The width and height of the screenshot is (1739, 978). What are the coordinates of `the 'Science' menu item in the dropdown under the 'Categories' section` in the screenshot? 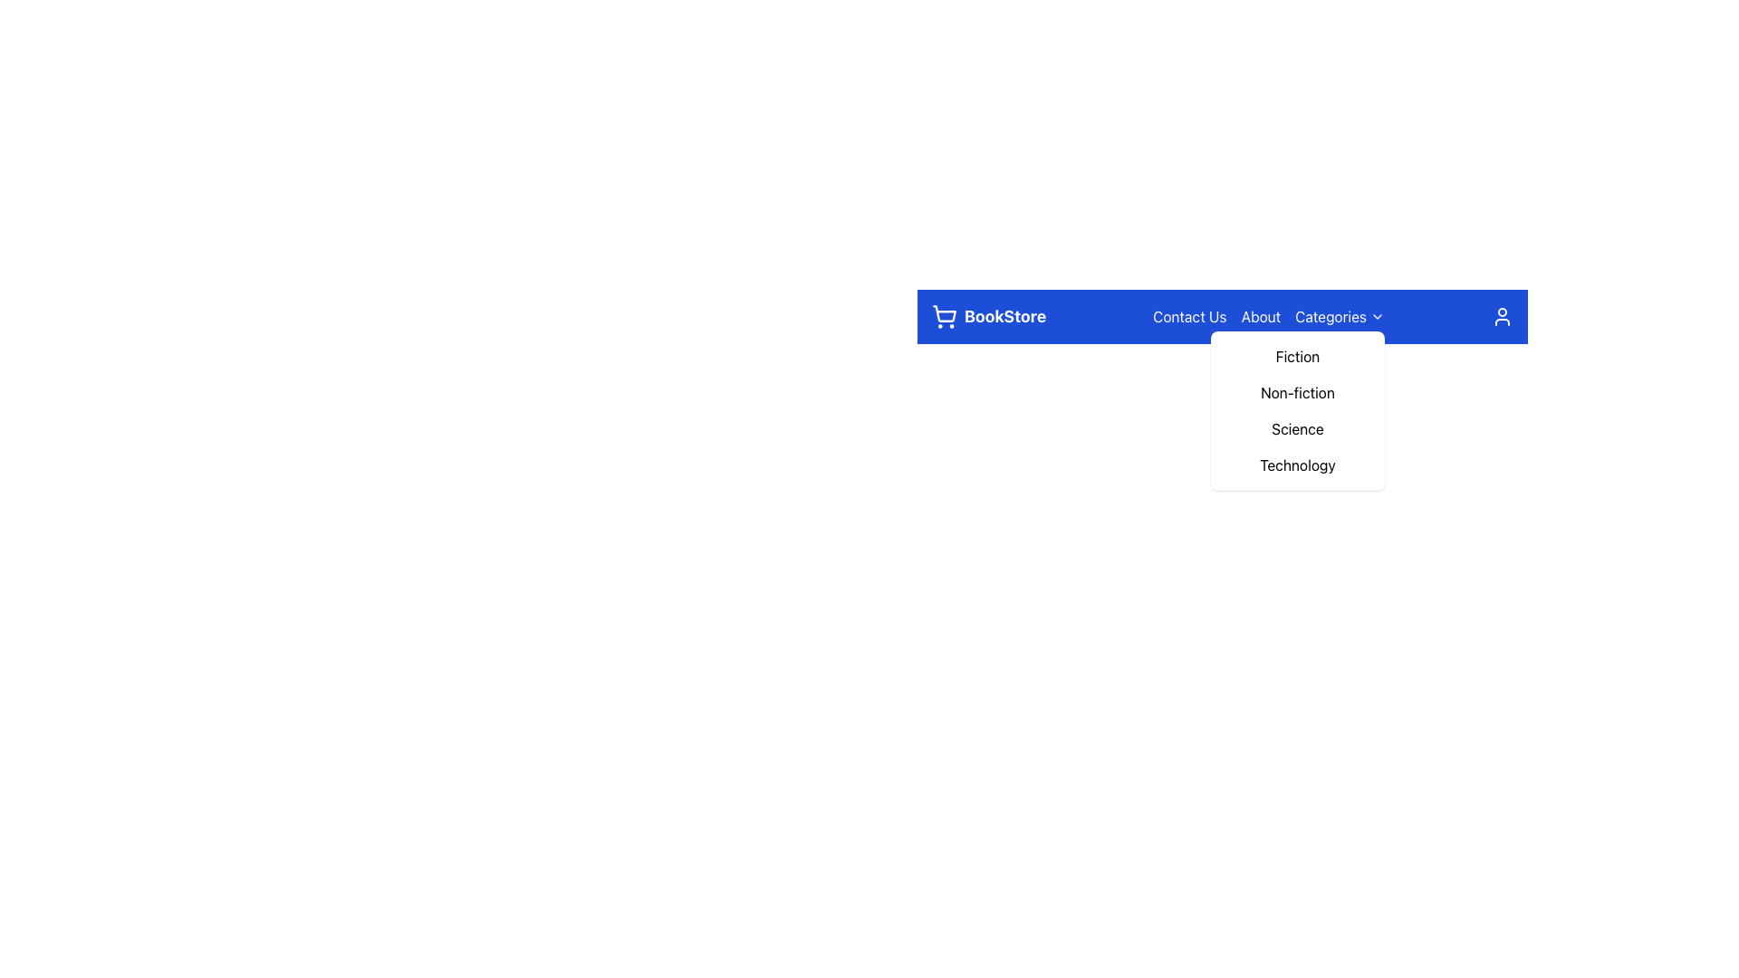 It's located at (1296, 429).